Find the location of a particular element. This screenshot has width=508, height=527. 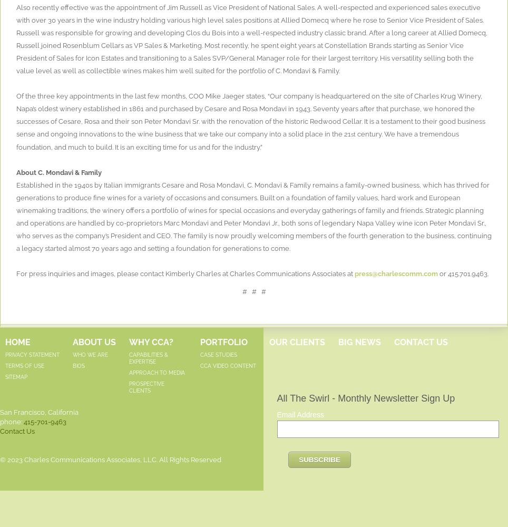

'phone:' is located at coordinates (0, 421).